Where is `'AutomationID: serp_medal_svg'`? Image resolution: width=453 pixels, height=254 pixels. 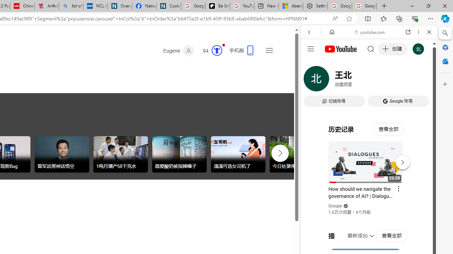
'AutomationID: serp_medal_svg' is located at coordinates (216, 50).